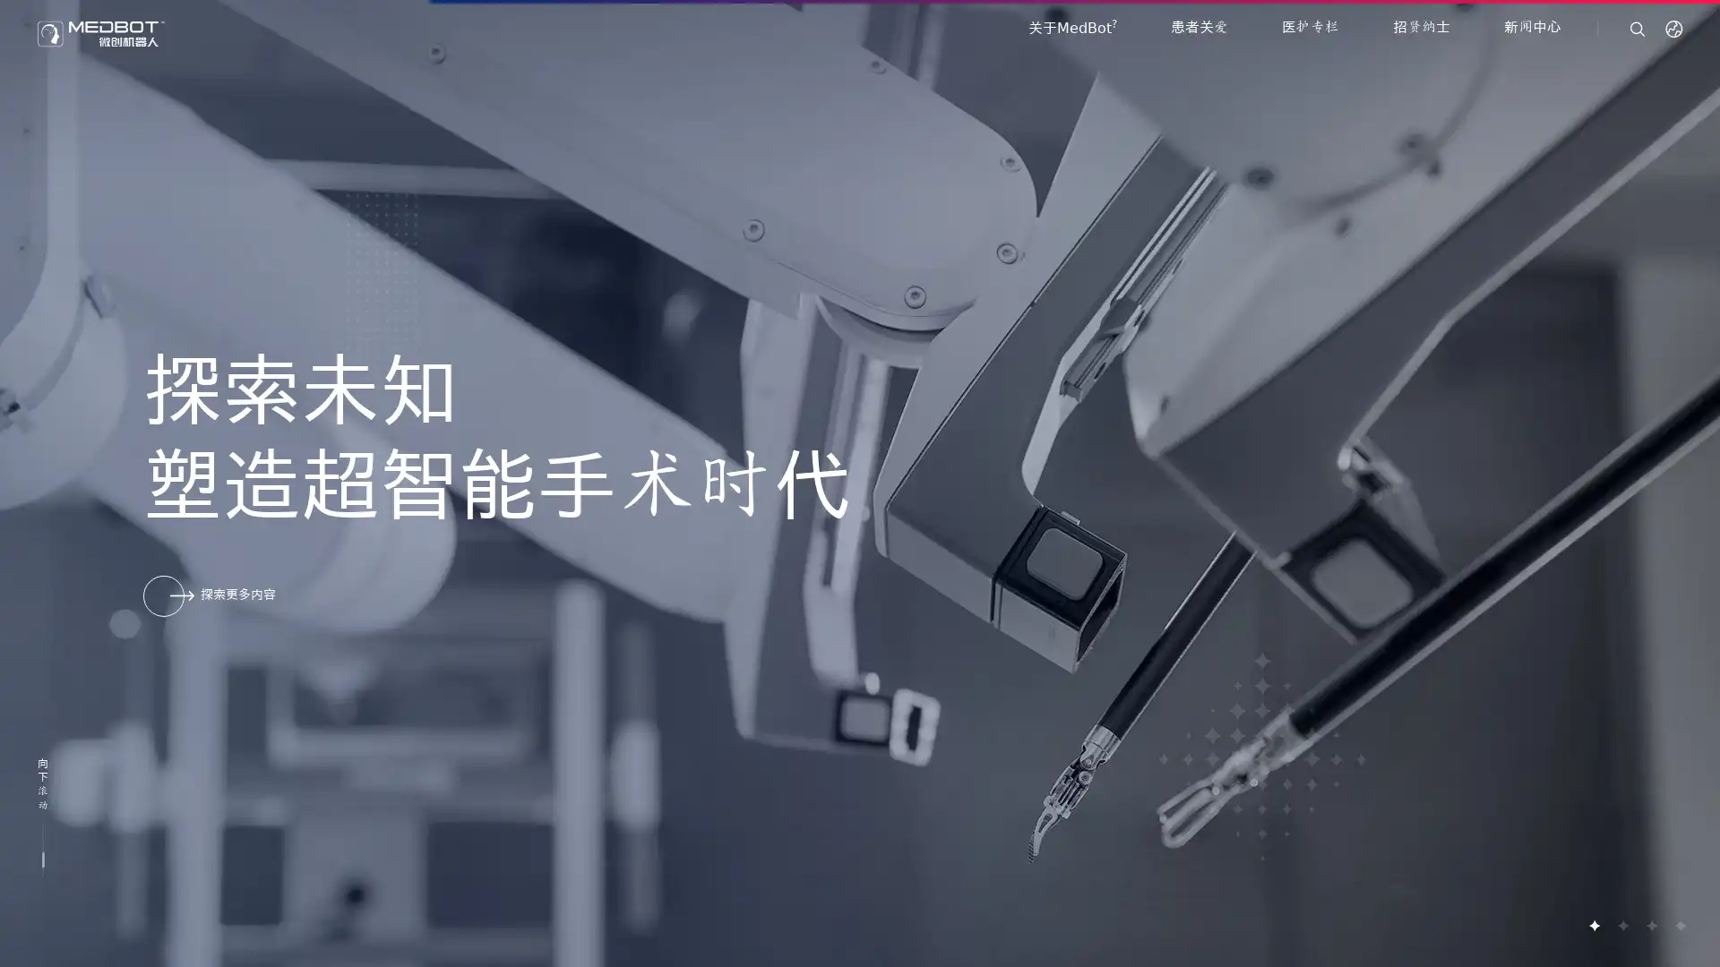  I want to click on Go to slide 2, so click(1621, 925).